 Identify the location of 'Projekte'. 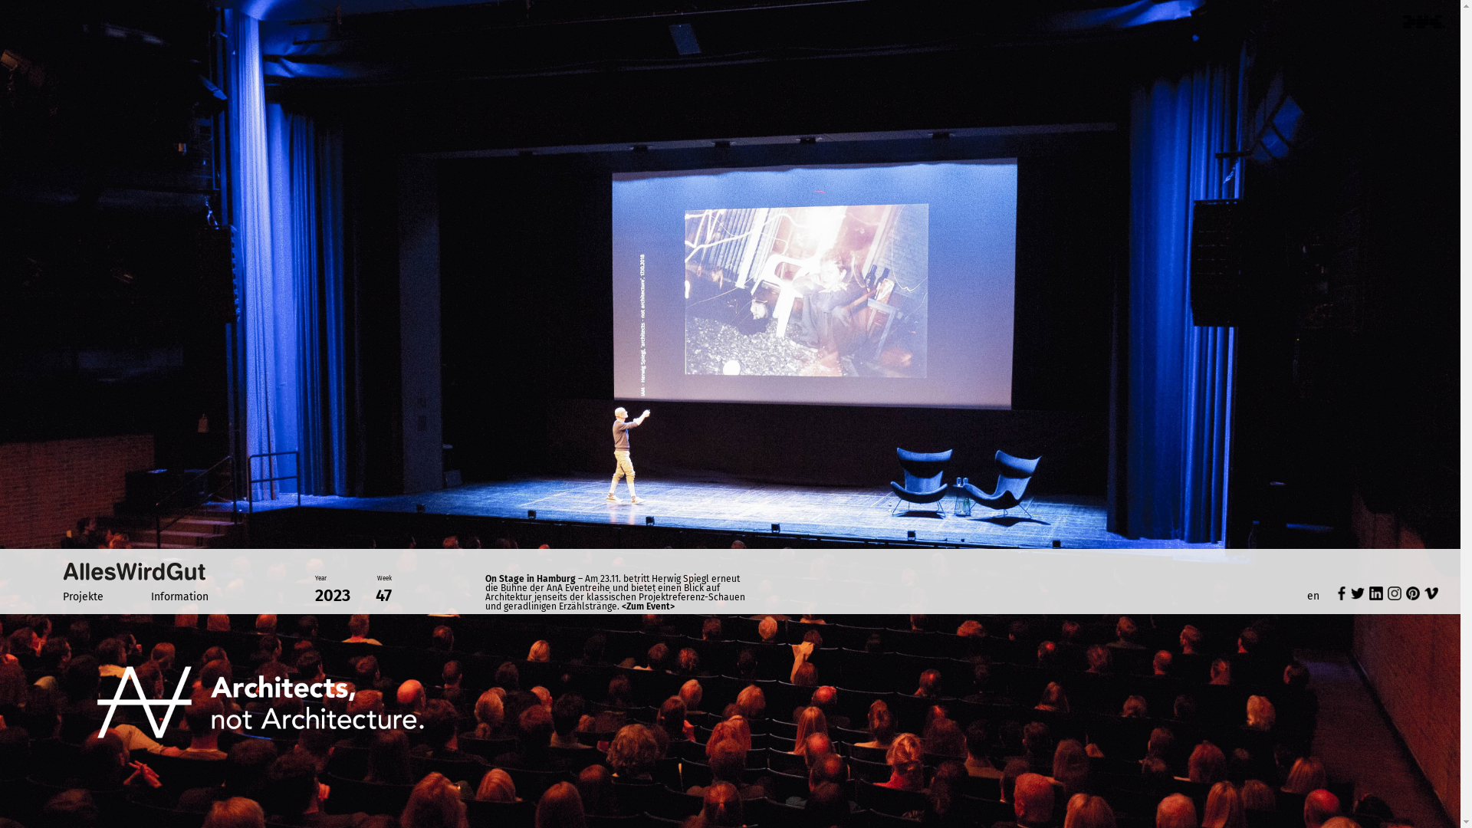
(61, 596).